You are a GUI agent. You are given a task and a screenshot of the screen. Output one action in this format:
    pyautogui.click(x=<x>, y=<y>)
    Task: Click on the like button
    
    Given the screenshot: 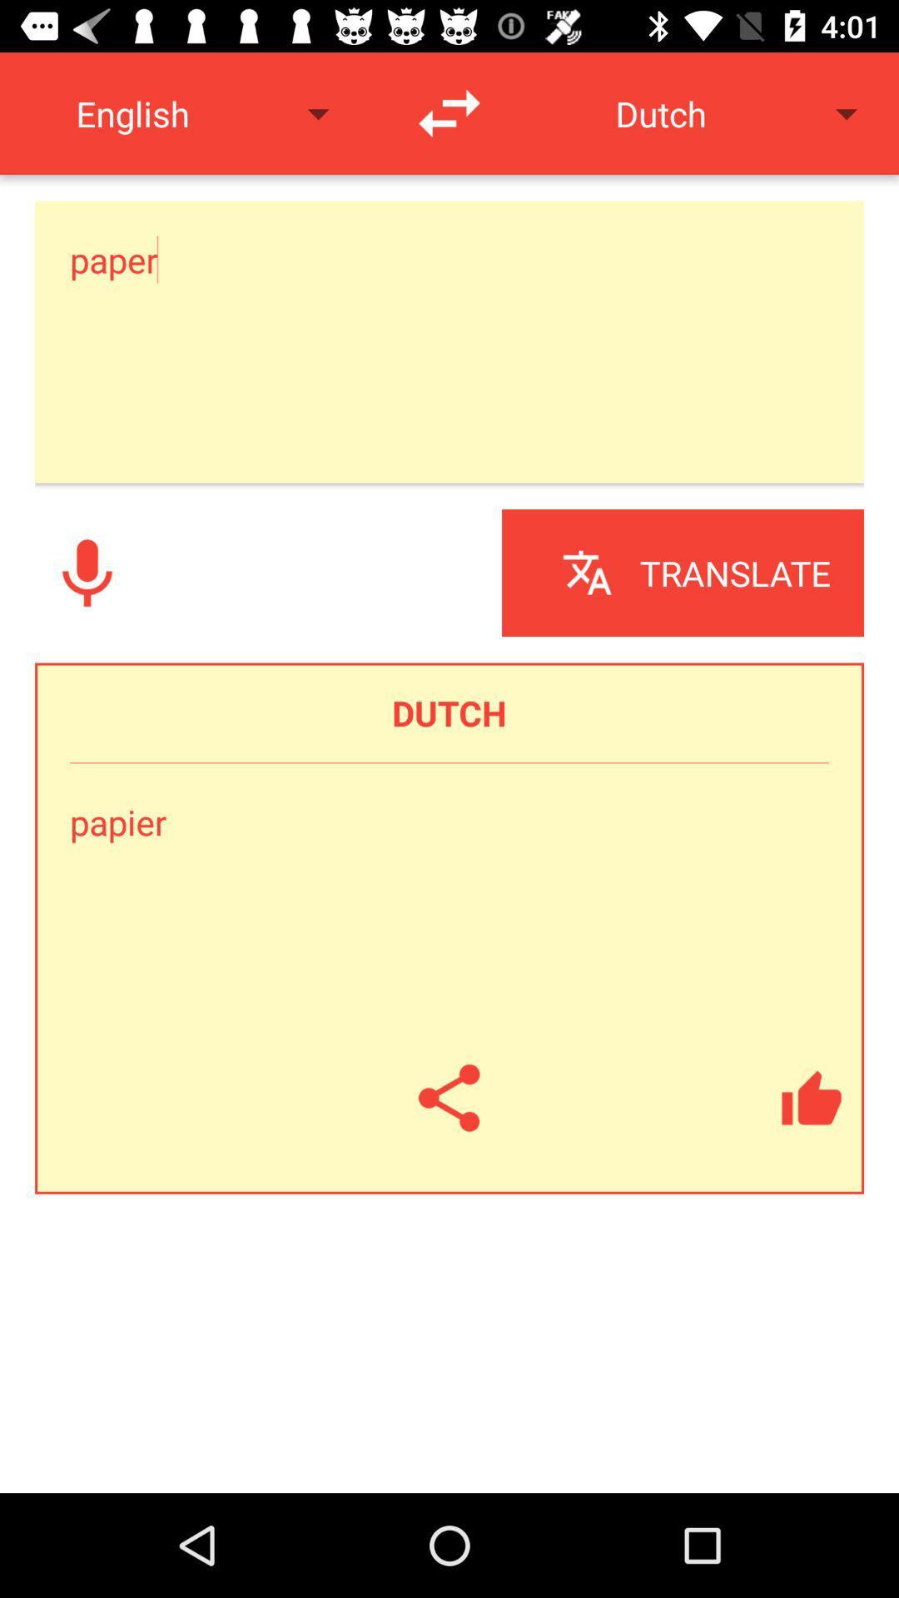 What is the action you would take?
    pyautogui.click(x=811, y=1098)
    